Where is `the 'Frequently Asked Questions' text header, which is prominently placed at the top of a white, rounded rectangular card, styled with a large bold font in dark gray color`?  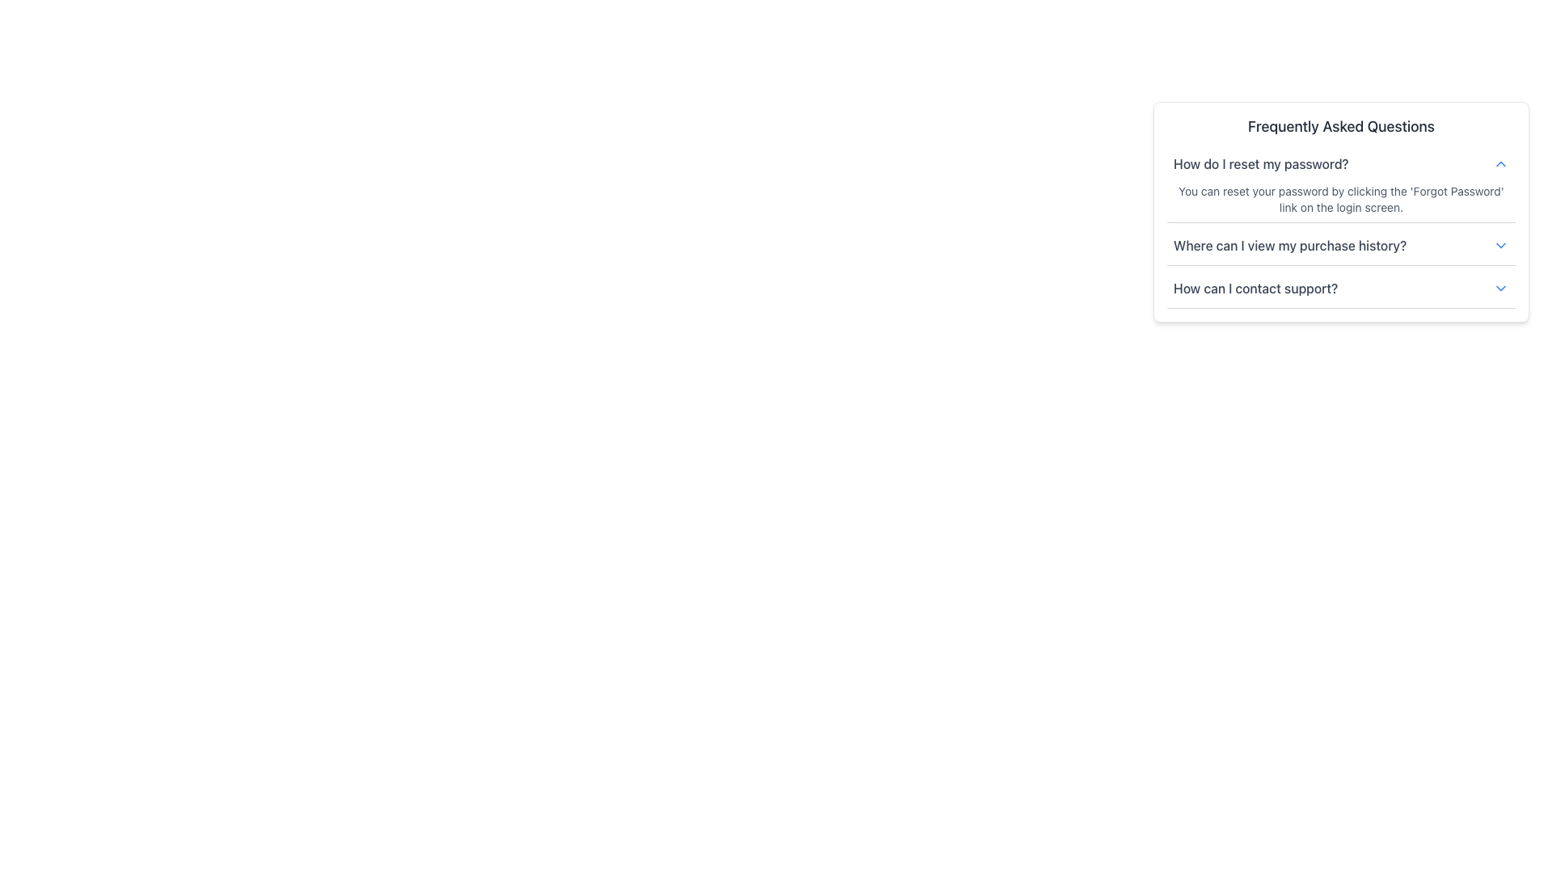 the 'Frequently Asked Questions' text header, which is prominently placed at the top of a white, rounded rectangular card, styled with a large bold font in dark gray color is located at coordinates (1341, 126).